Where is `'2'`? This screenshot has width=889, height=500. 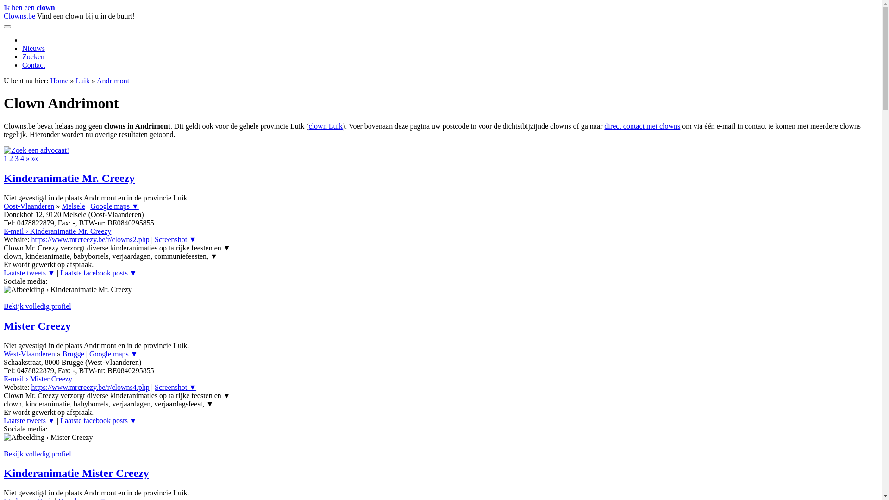
'2' is located at coordinates (9, 158).